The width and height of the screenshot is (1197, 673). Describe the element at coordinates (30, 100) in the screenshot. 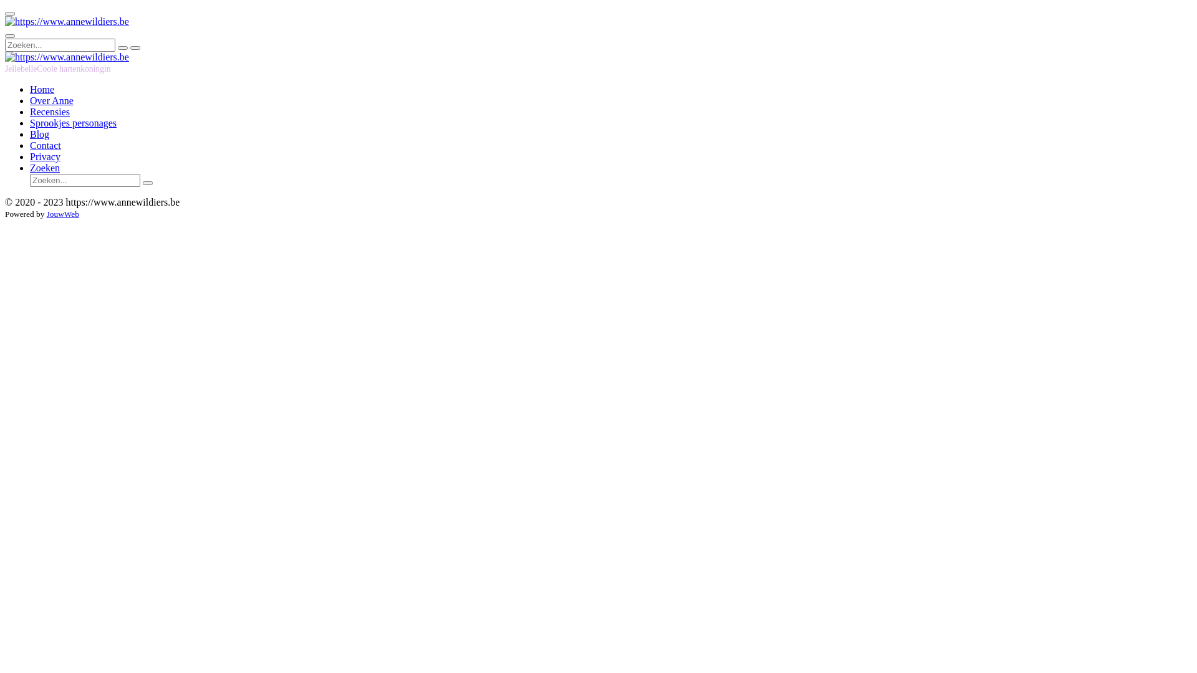

I see `'Over Anne'` at that location.